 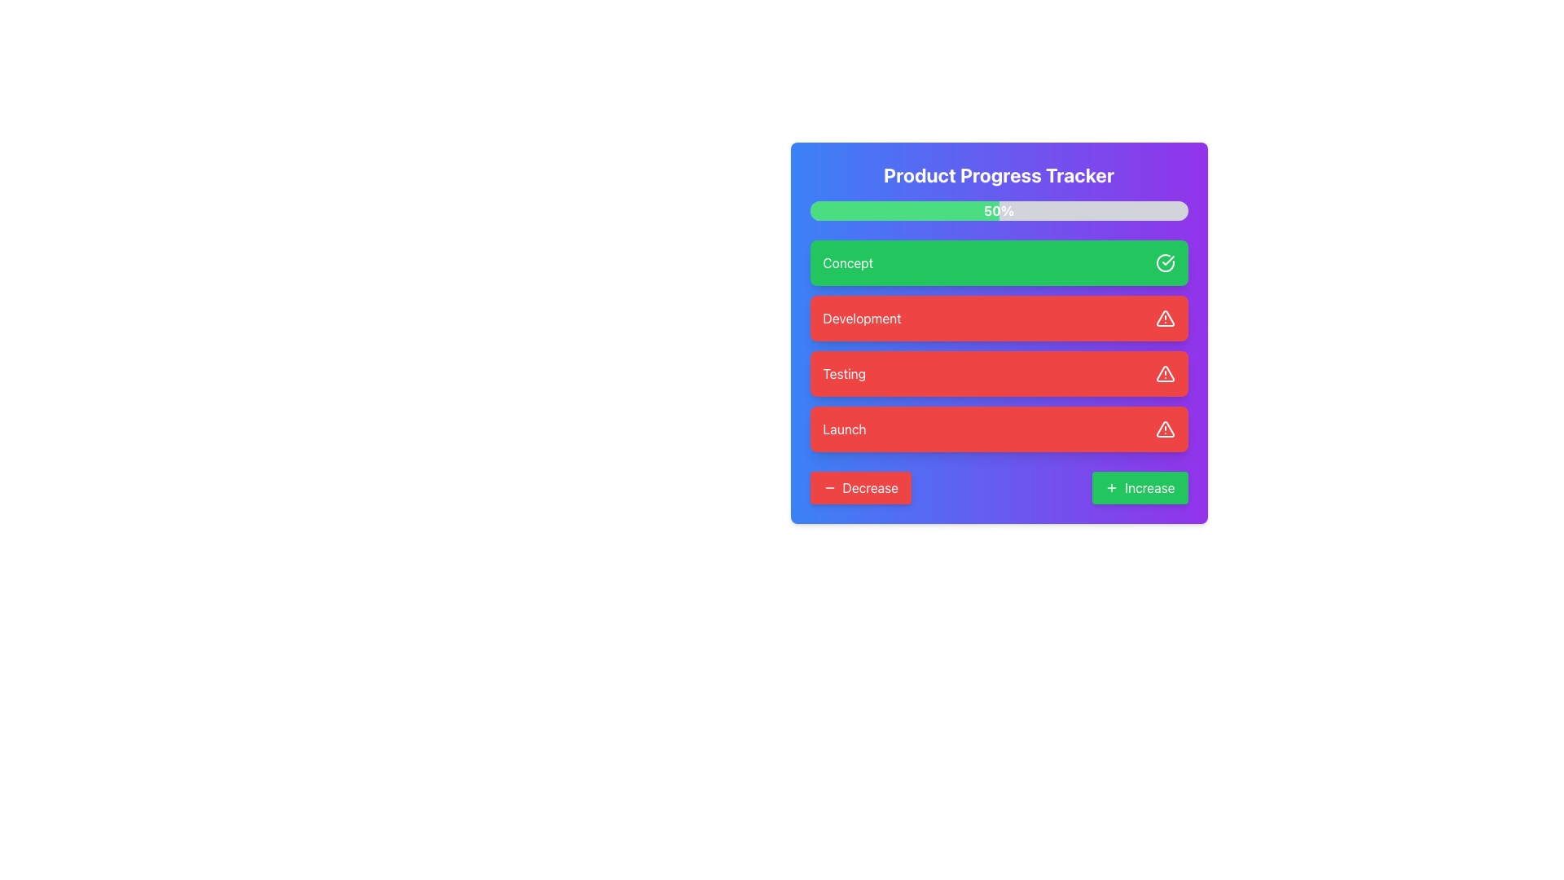 I want to click on the warning icon related to the 'Testing' stage in the progress tracker, so click(x=1164, y=374).